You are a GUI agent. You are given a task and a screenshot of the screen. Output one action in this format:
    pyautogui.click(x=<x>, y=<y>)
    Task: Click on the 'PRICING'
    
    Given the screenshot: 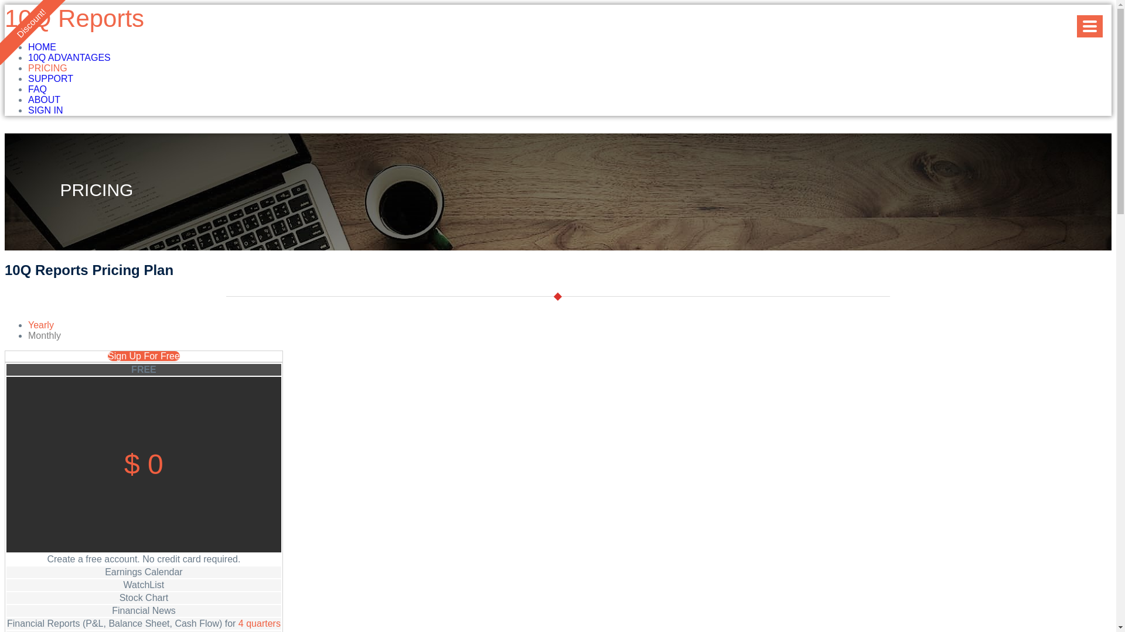 What is the action you would take?
    pyautogui.click(x=47, y=68)
    